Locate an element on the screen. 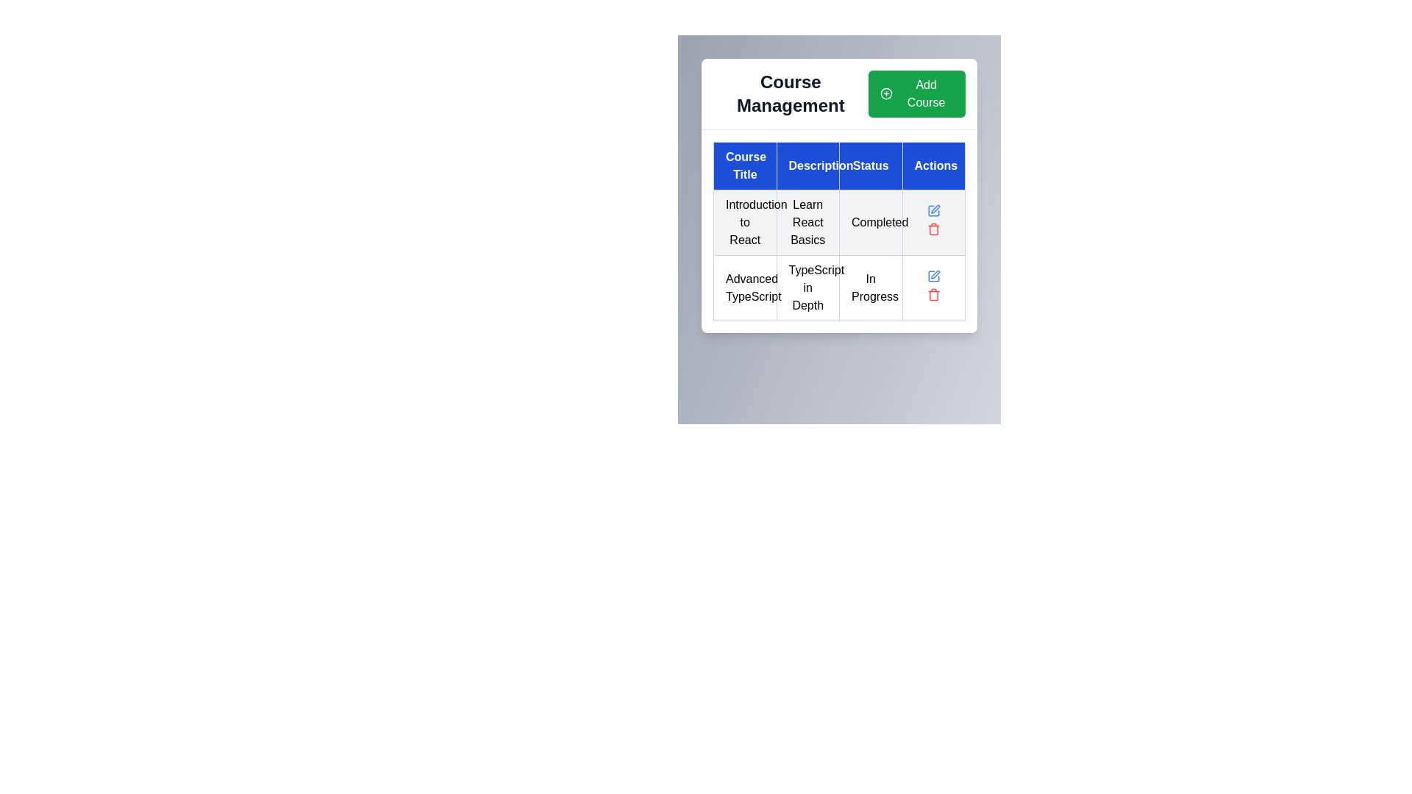  the second row in the 'Course Management' table that contains the course titled 'Advanced TypeScript' is located at coordinates (839, 288).